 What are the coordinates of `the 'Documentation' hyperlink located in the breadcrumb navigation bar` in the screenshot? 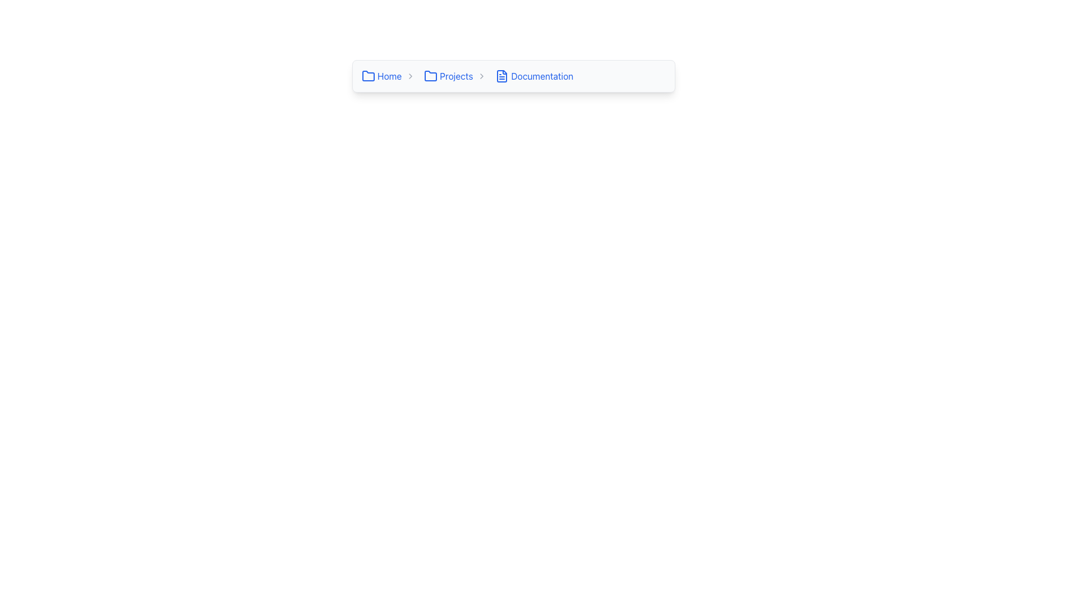 It's located at (542, 76).